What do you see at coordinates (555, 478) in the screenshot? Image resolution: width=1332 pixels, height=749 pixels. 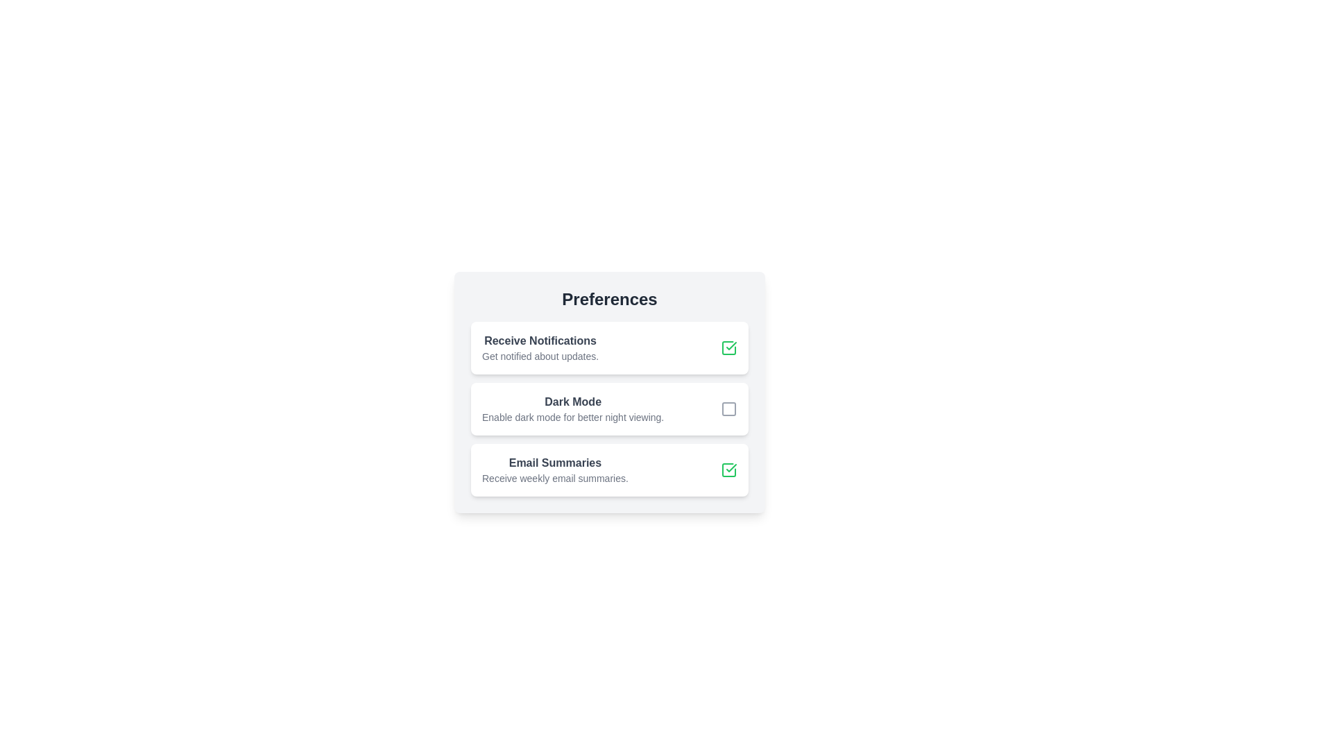 I see `descriptive text element that states 'Receive weekly email summaries.' located below the heading 'Email Summaries'` at bounding box center [555, 478].